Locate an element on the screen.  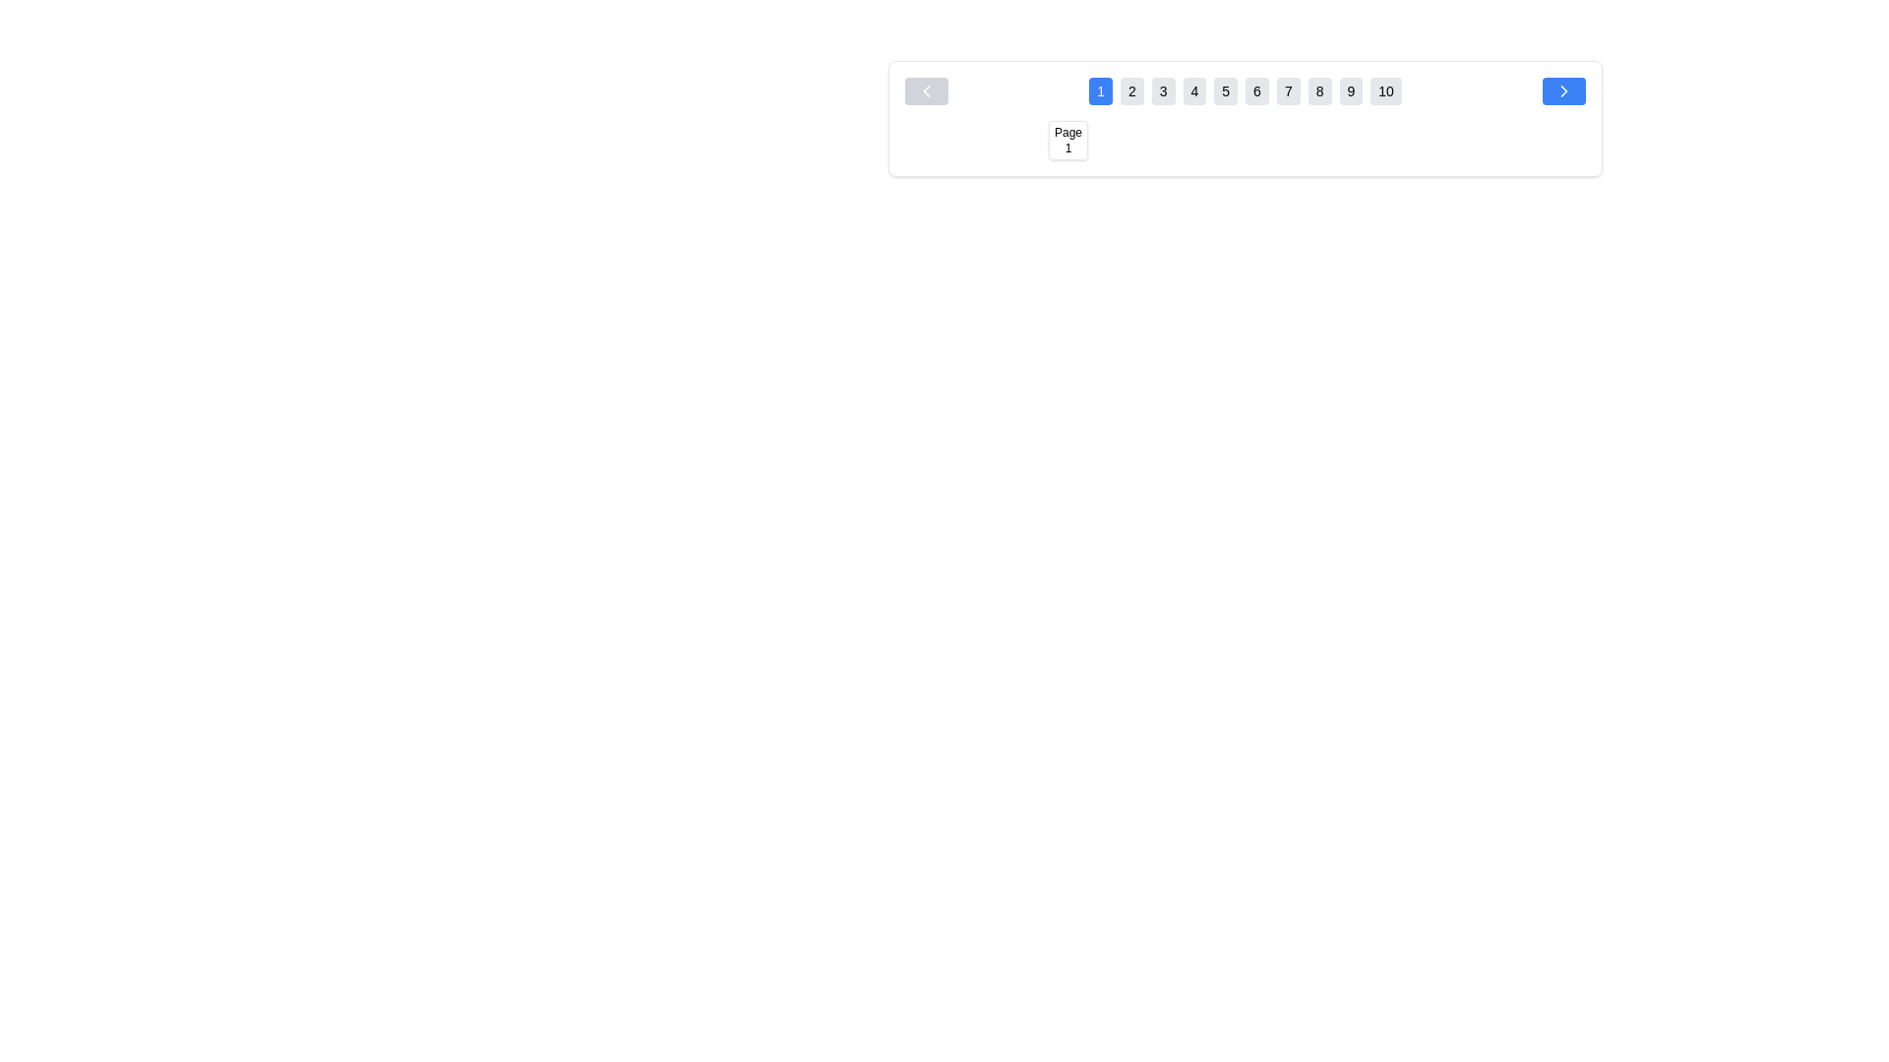
the navigation button labeled '1' on the far-left side of the button group is located at coordinates (1099, 90).